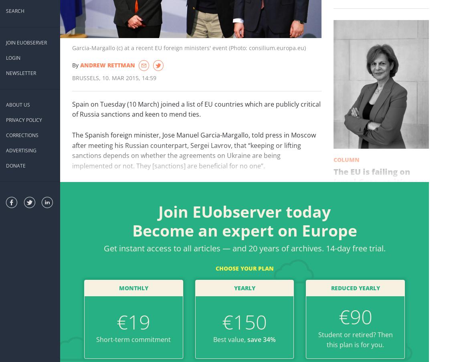 The width and height of the screenshot is (461, 362). I want to click on 'The lack of EU common ground on ending Gaza's intolerable tragedy makes it essential that member states which want a ceasefire break free of the EU institutional straitjacket and take urgent action on a national level.', so click(332, 239).